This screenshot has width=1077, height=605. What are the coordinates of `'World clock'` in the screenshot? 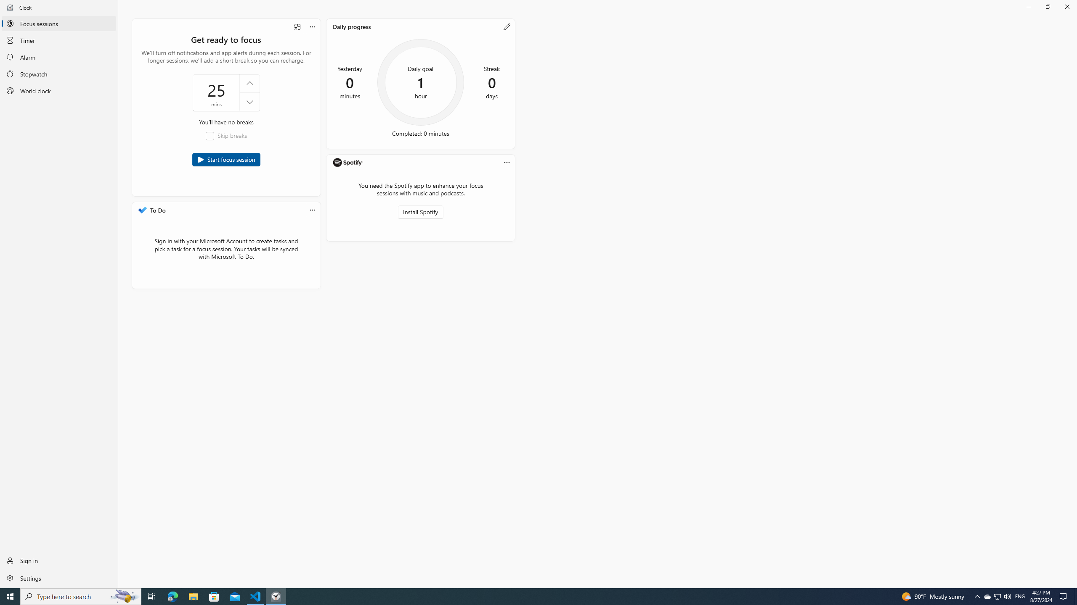 It's located at (58, 90).